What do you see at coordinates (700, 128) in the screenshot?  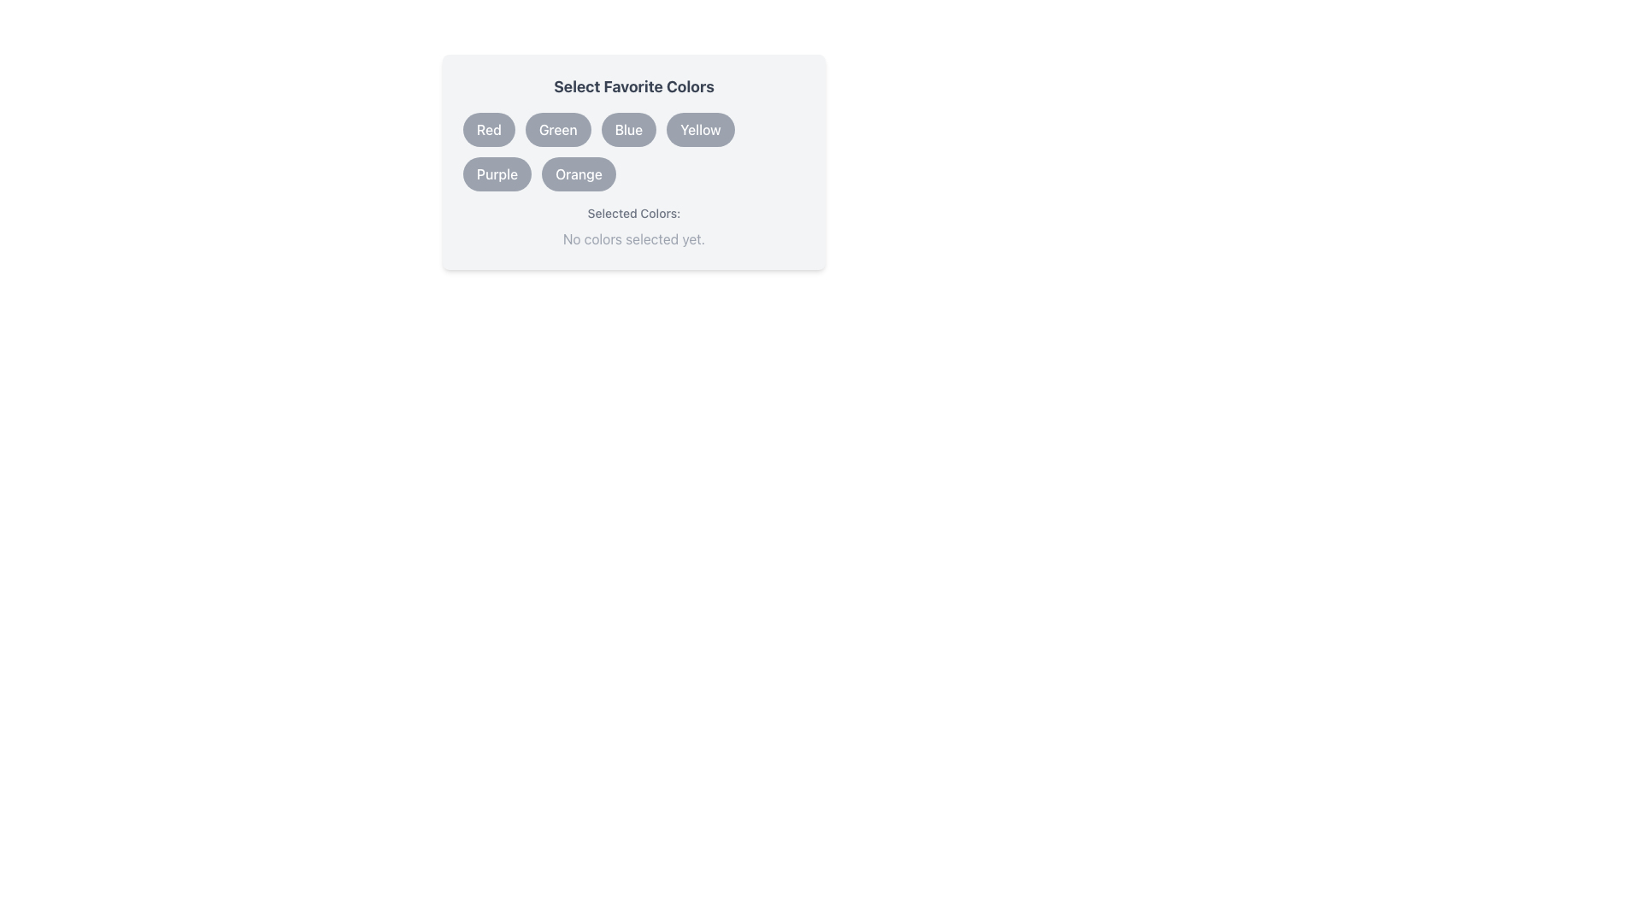 I see `the 'Yellow' button` at bounding box center [700, 128].